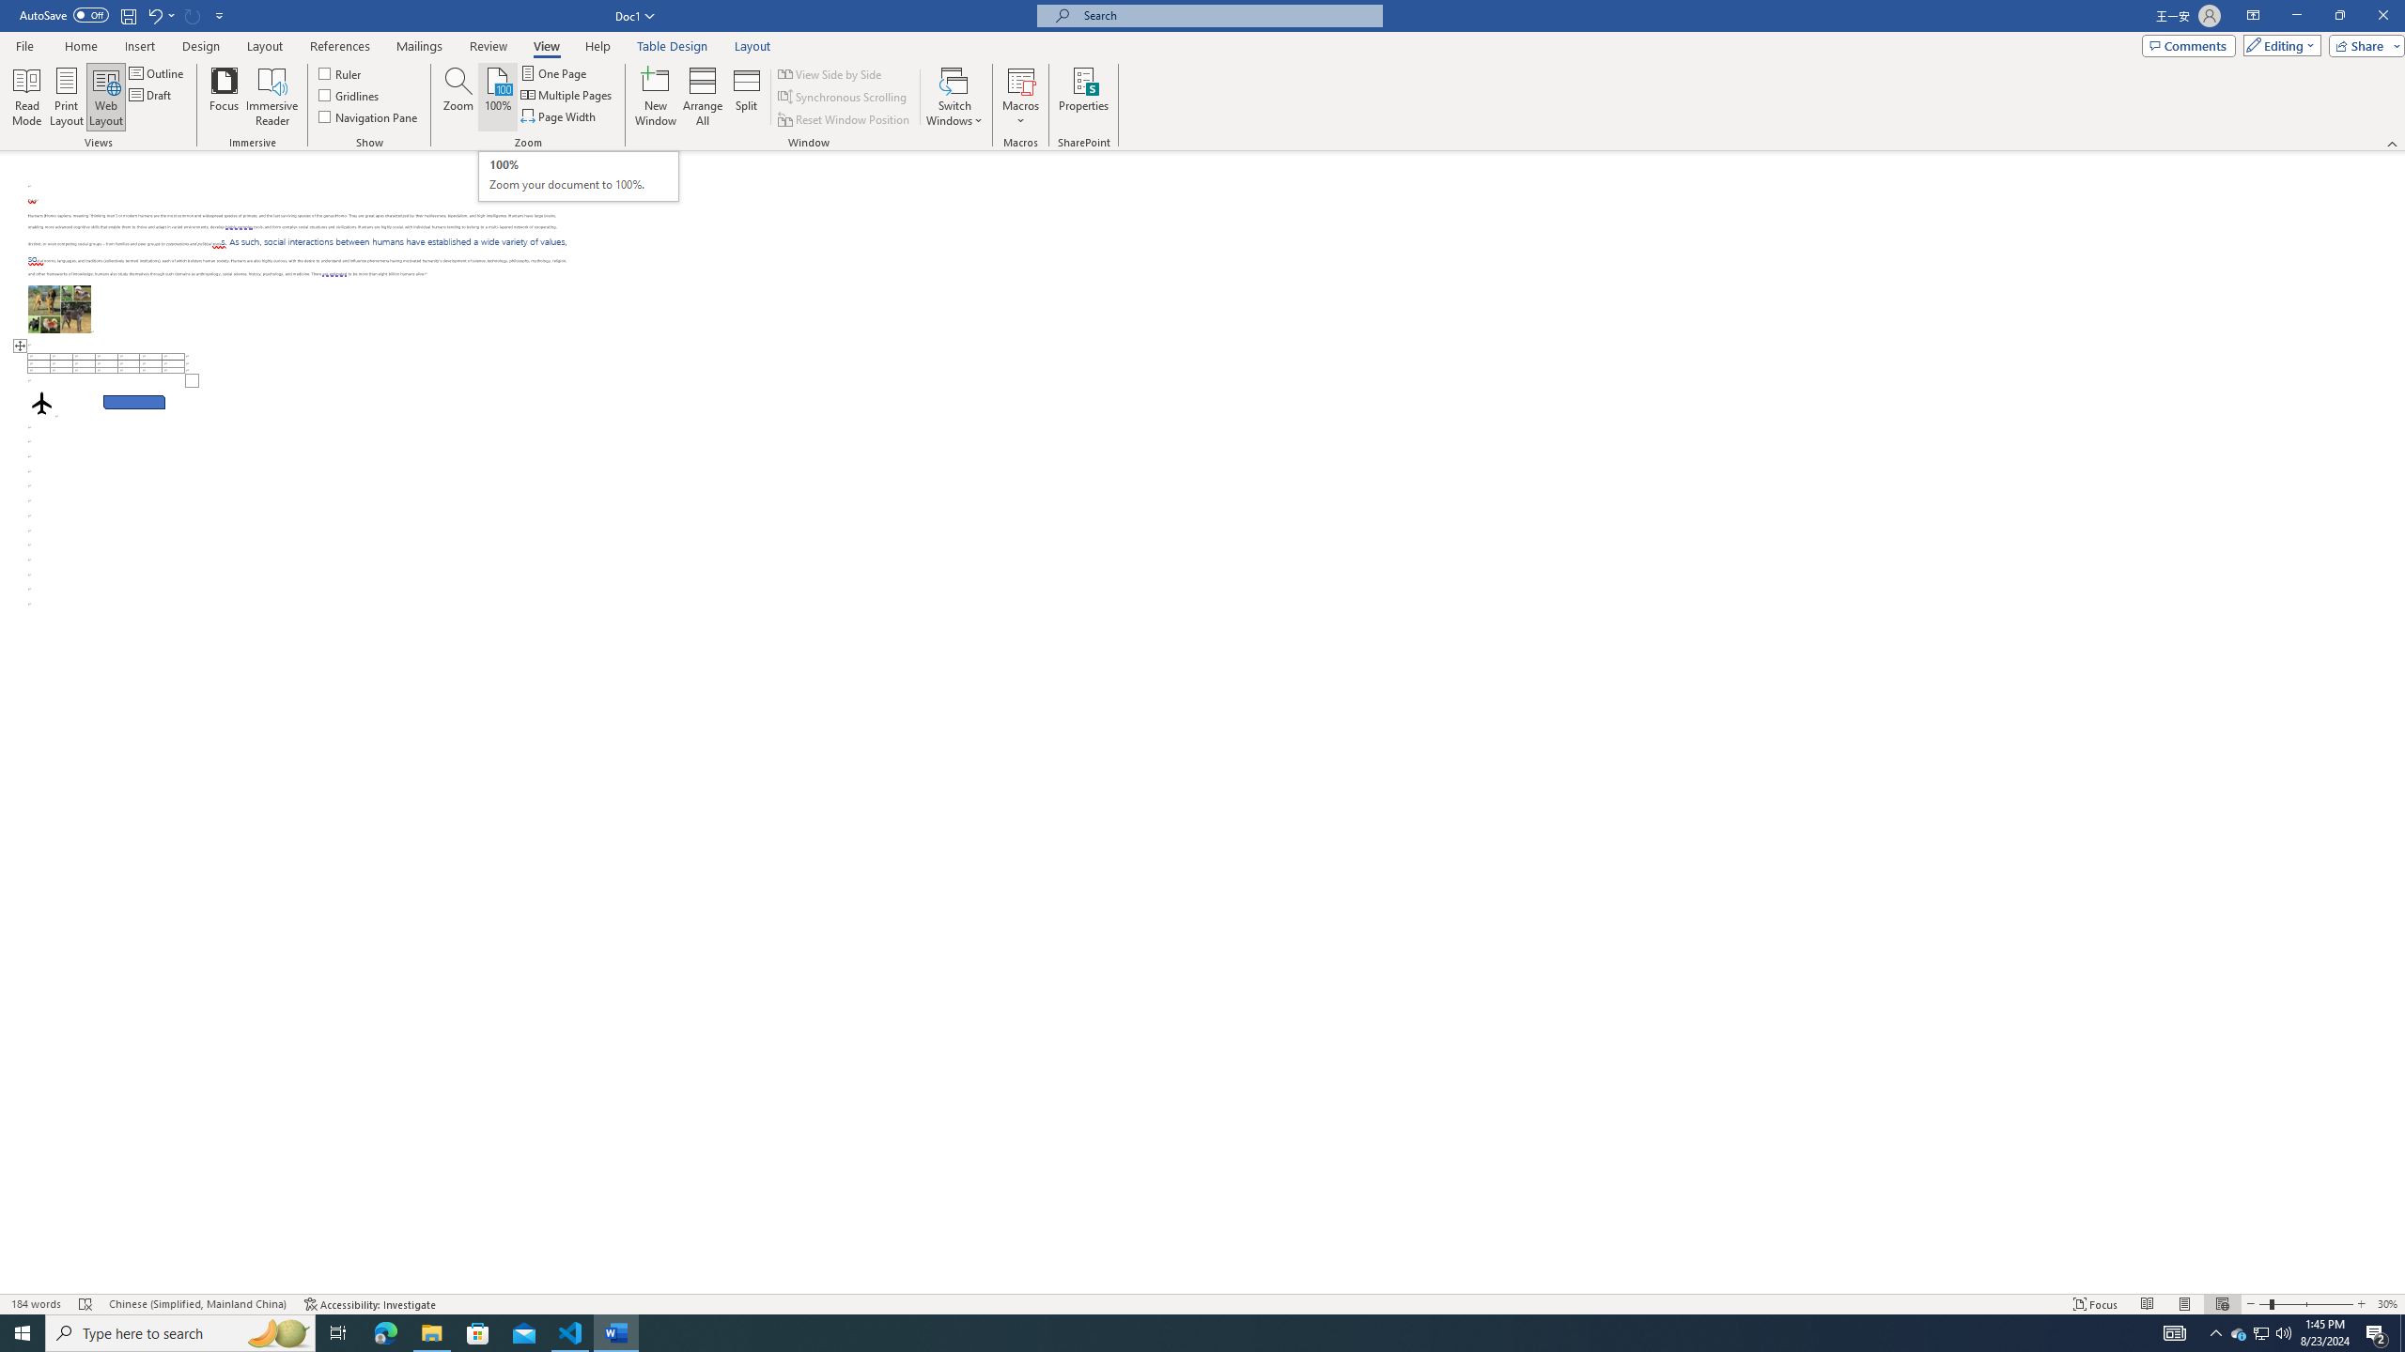 This screenshot has width=2405, height=1352. Describe the element at coordinates (1019, 97) in the screenshot. I see `'Macros'` at that location.